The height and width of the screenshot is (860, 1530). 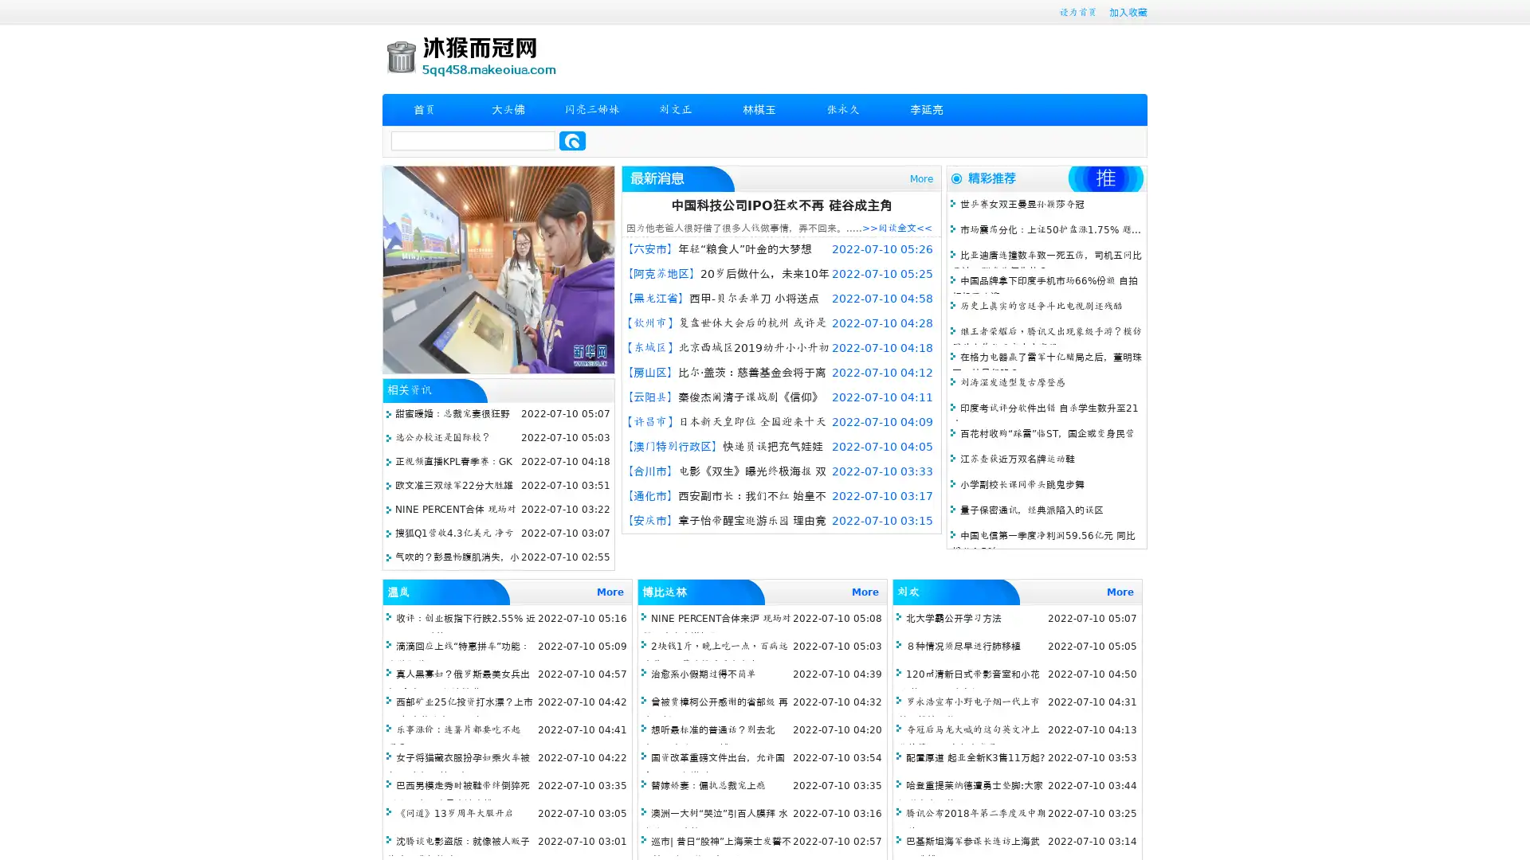 I want to click on Search, so click(x=572, y=140).